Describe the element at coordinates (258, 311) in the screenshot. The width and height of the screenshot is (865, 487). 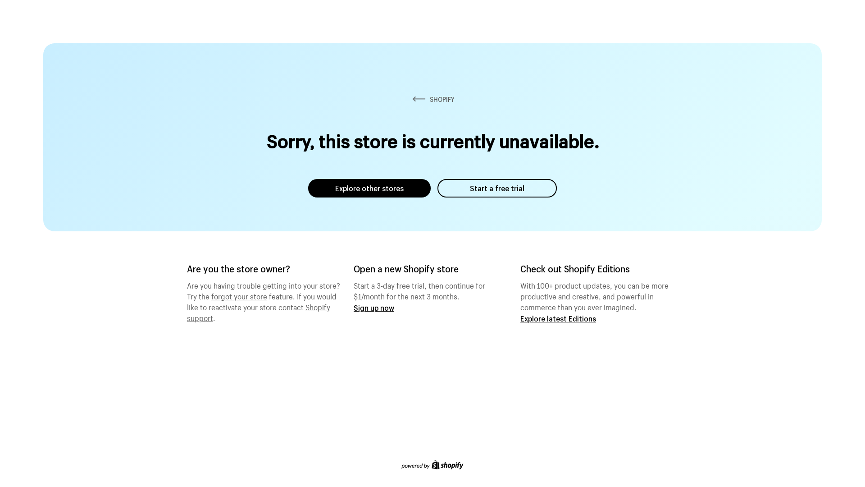
I see `'Shopify support'` at that location.